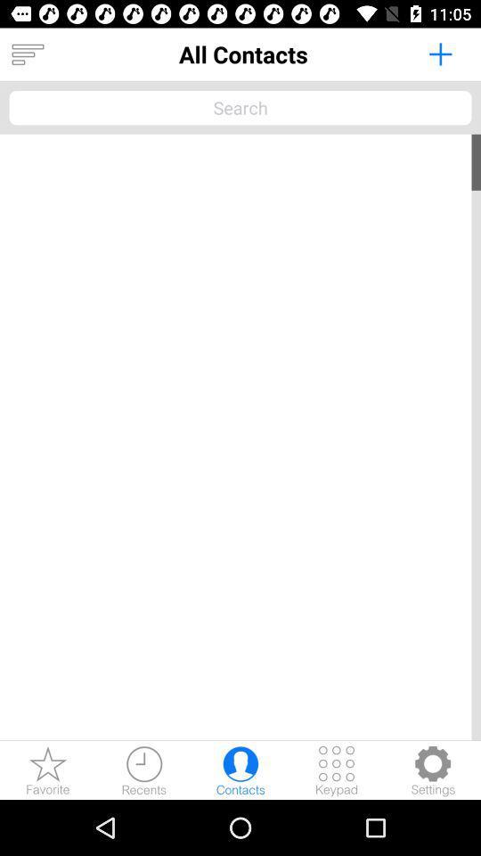  I want to click on the avatar icon, so click(240, 770).